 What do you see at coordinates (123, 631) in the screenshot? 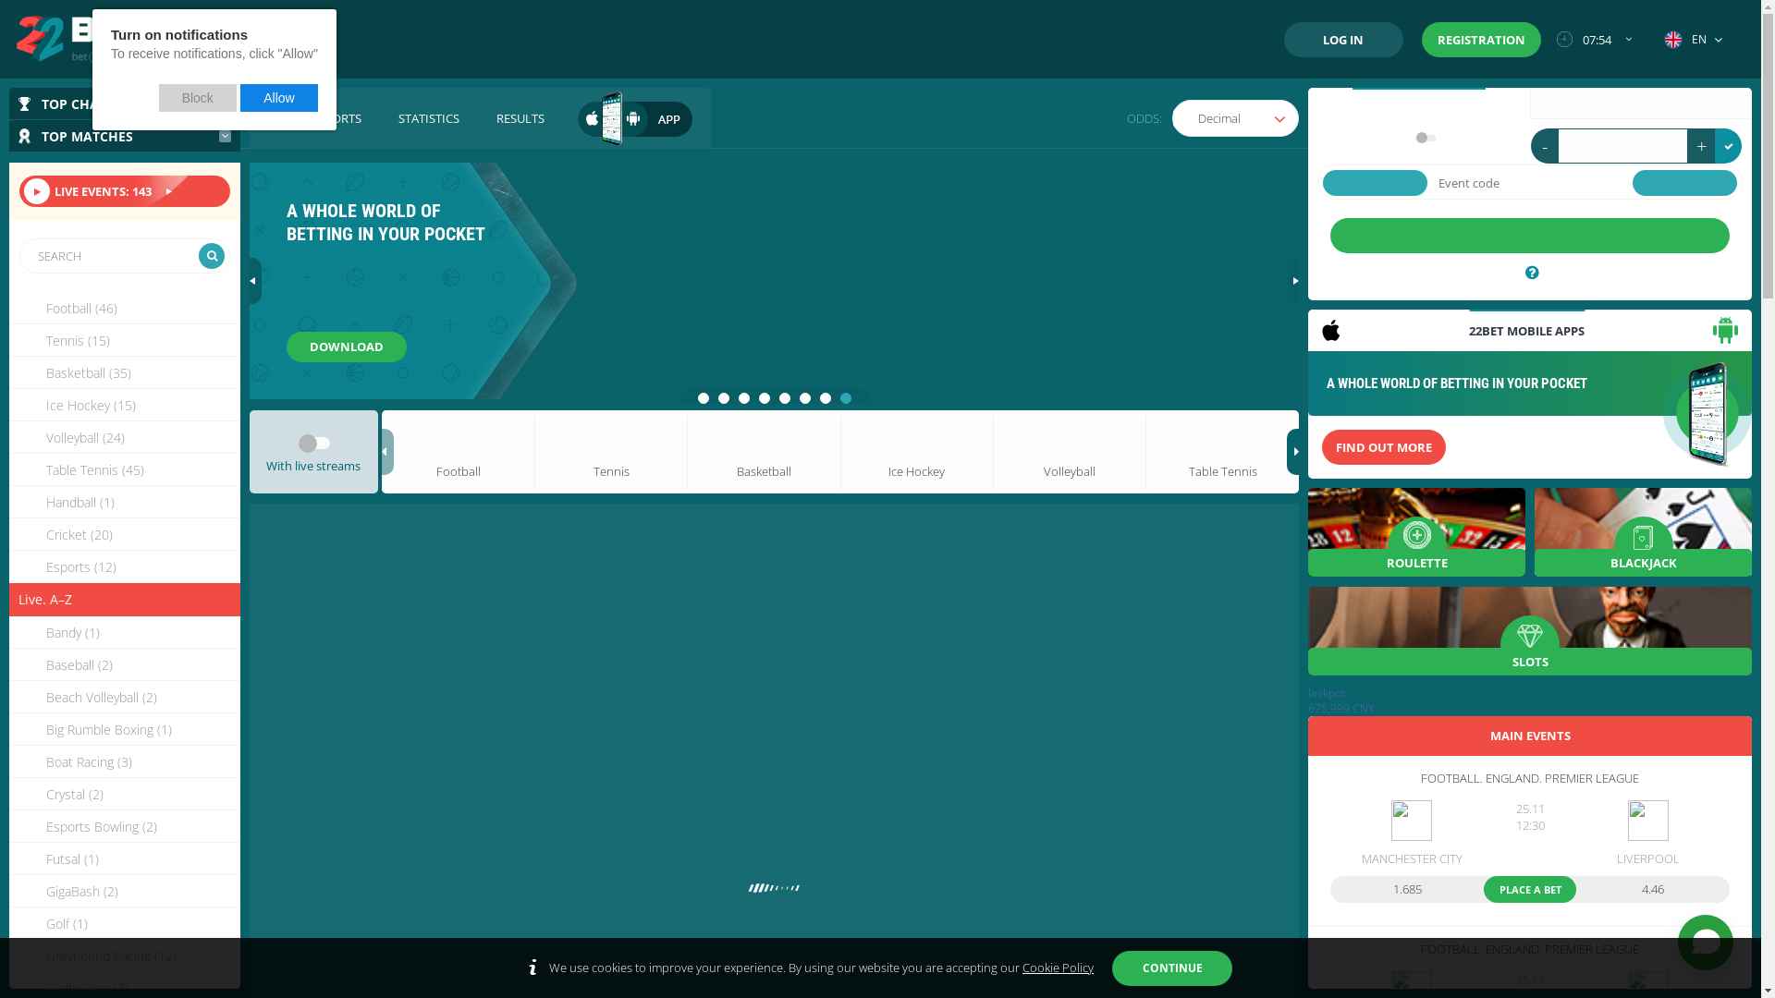
I see `'Bandy` at bounding box center [123, 631].